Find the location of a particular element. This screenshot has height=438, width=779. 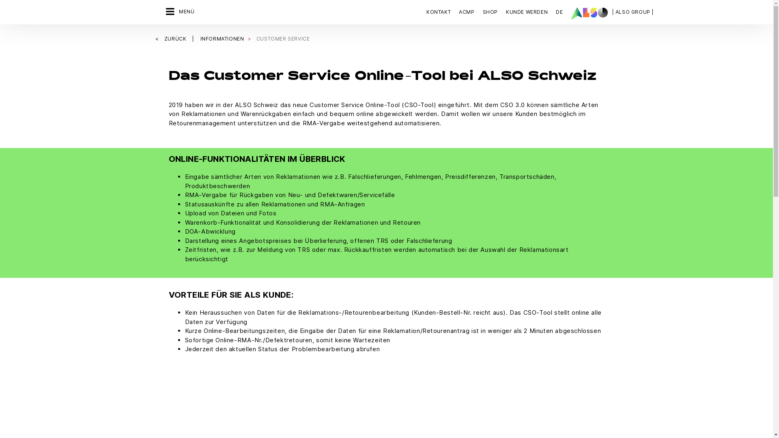

'SHOP' is located at coordinates (490, 12).